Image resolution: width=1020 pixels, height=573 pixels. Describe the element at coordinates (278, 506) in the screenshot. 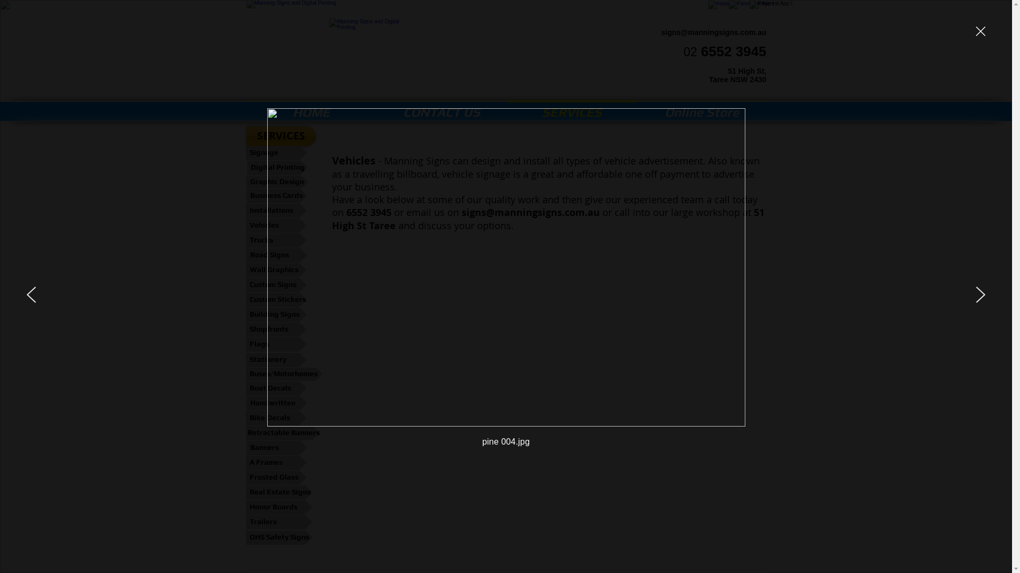

I see `'Honor Boards'` at that location.